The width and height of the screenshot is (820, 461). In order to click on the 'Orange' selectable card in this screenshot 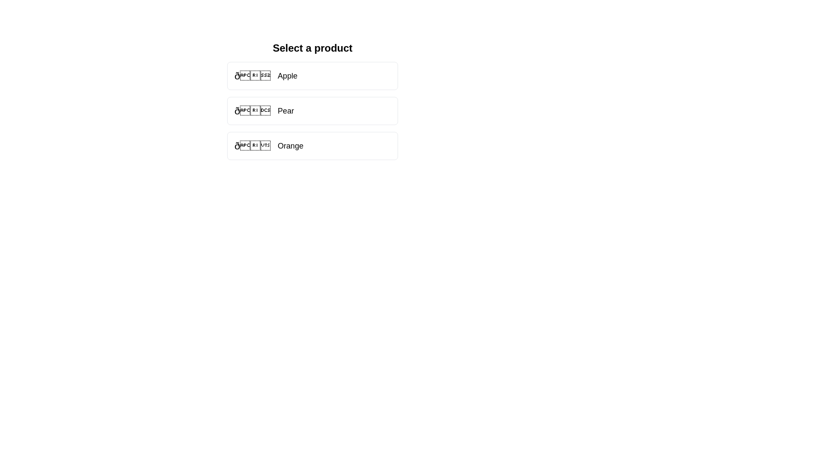, I will do `click(312, 146)`.